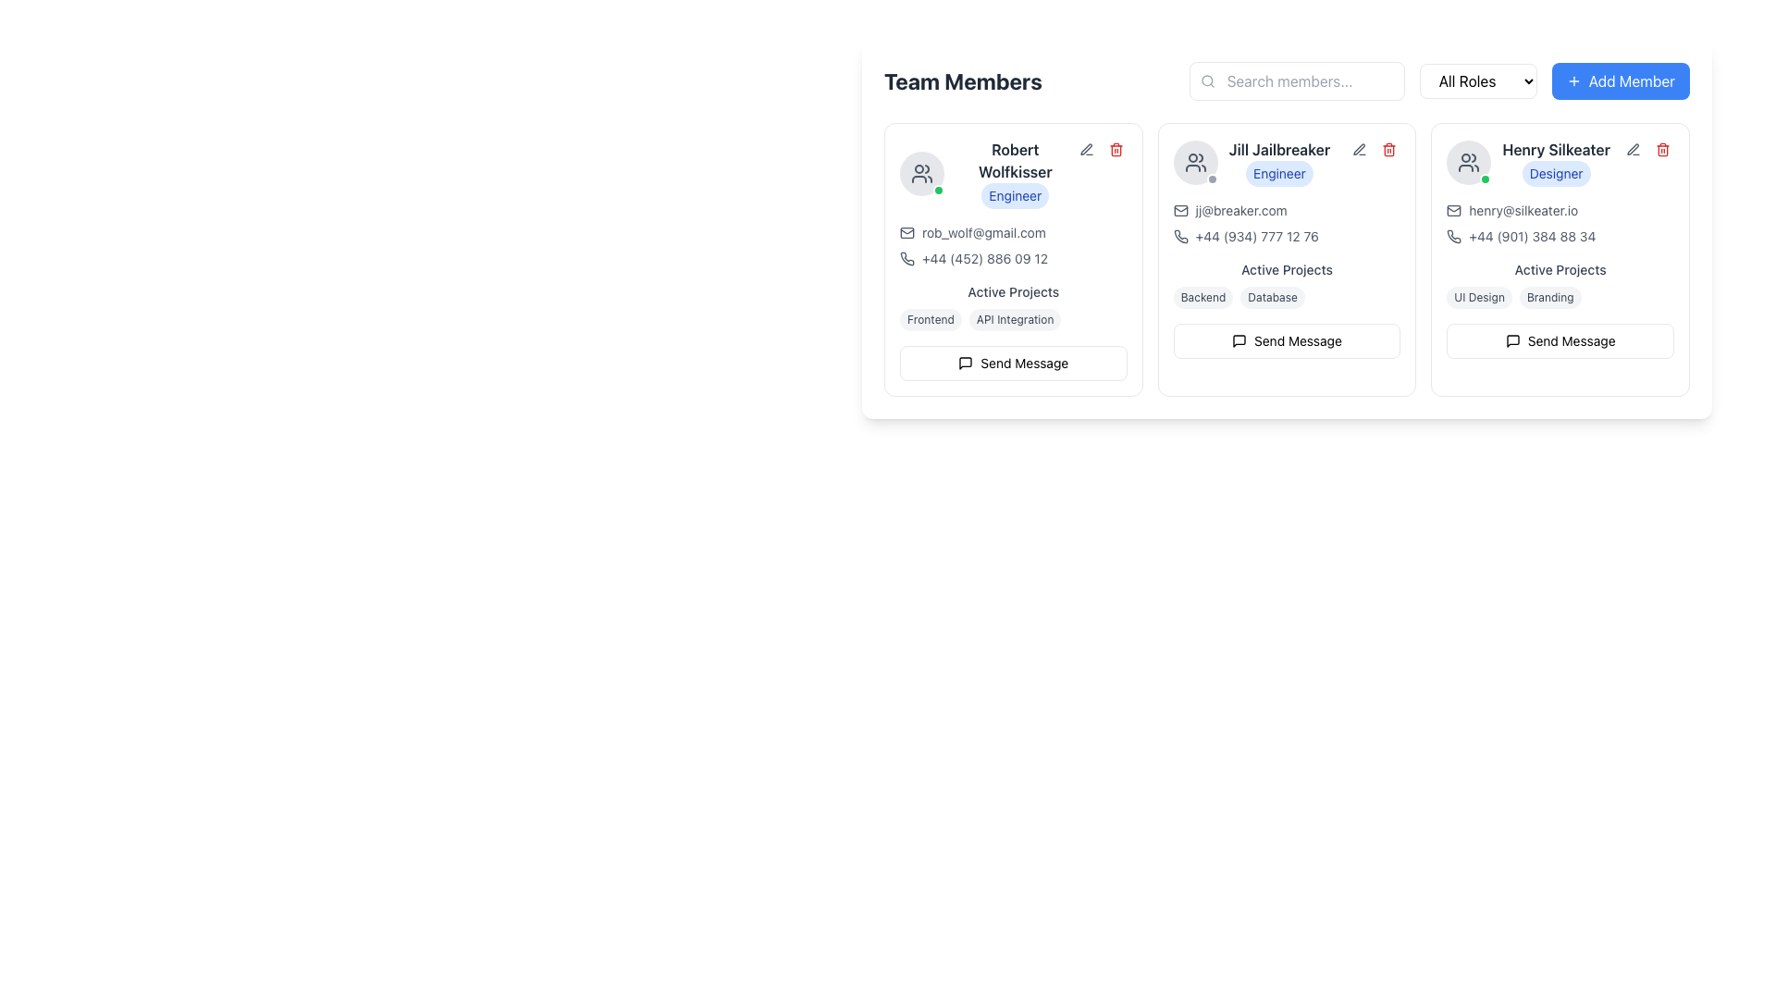 The image size is (1776, 999). I want to click on the Text Block with Badge that displays the name and role of the team member, located in the rightmost card below the avatar icon, so click(1555, 162).